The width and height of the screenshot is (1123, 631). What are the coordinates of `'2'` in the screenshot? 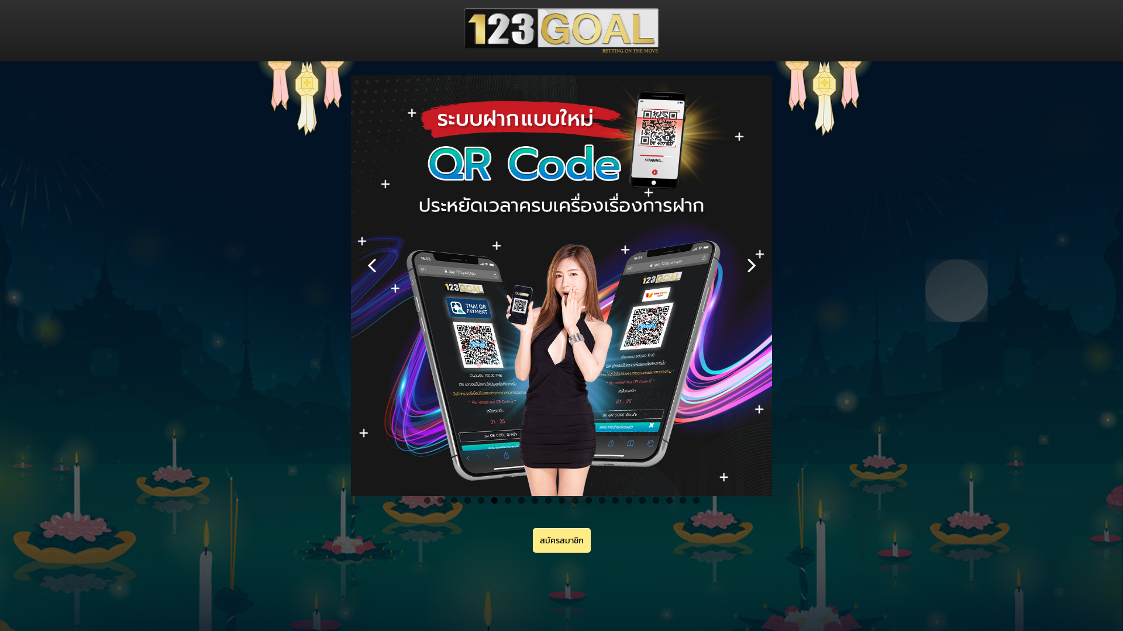 It's located at (440, 500).